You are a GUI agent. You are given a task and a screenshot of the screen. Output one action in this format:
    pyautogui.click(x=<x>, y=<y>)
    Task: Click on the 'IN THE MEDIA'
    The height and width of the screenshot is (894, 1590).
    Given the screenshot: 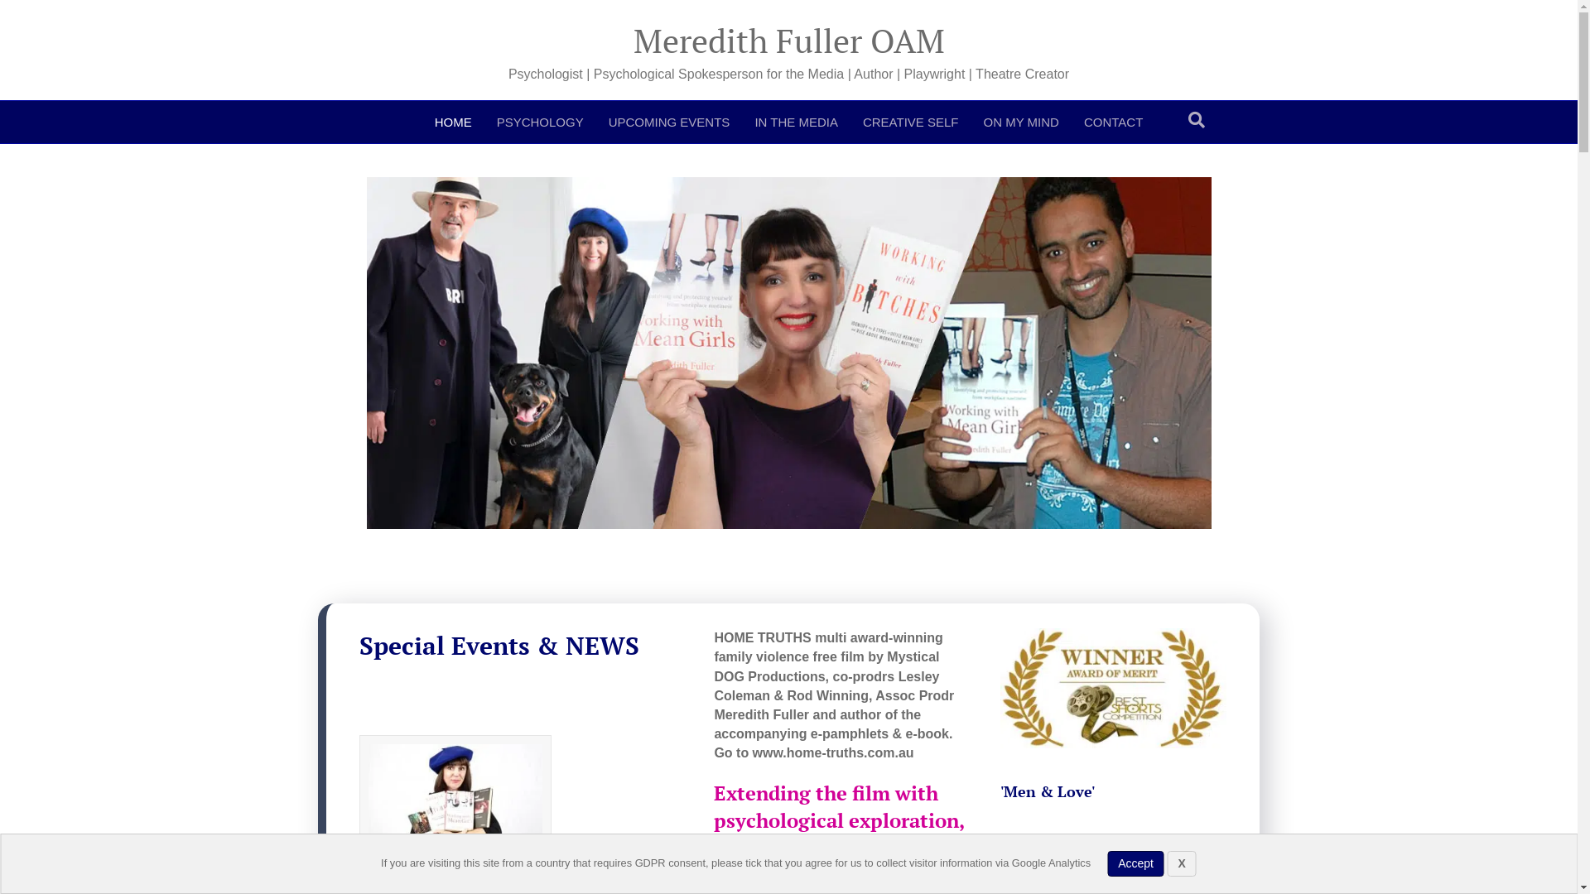 What is the action you would take?
    pyautogui.click(x=796, y=121)
    